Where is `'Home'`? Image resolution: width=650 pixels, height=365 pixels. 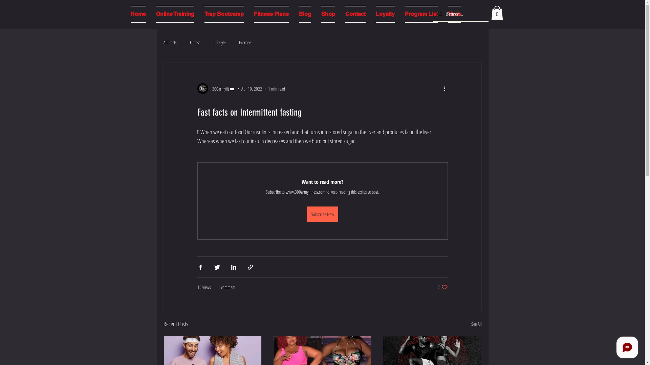
'Home' is located at coordinates (137, 14).